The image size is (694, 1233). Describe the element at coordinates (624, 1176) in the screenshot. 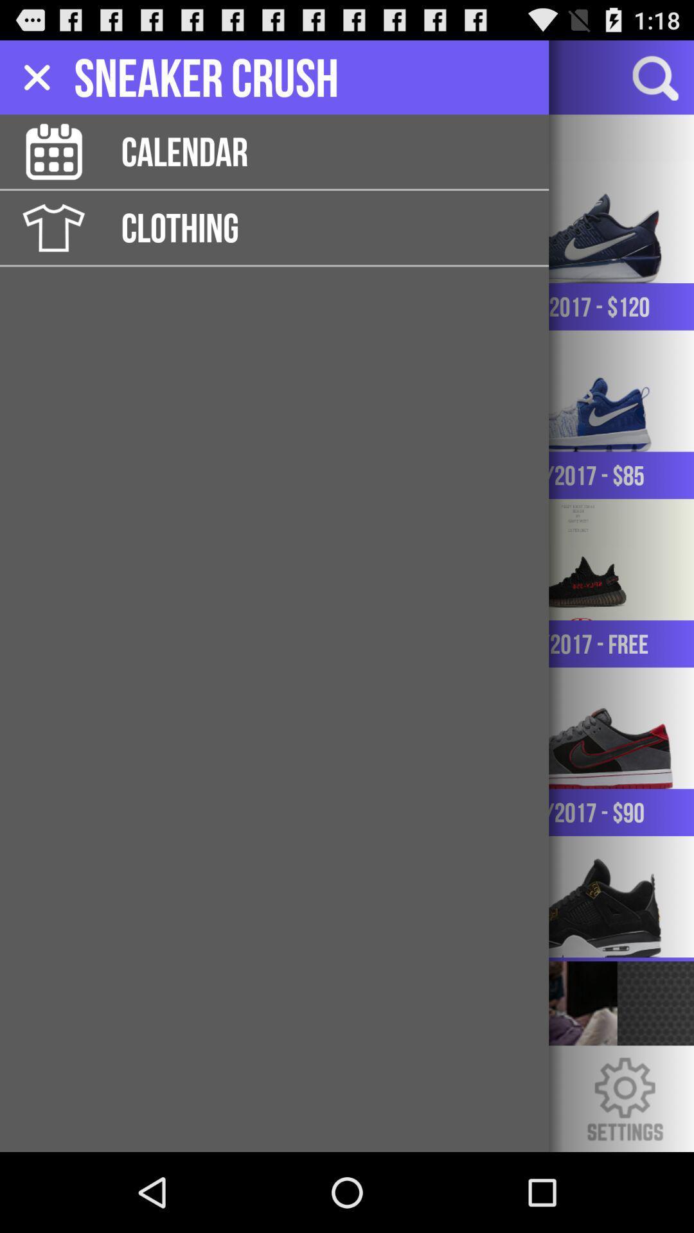

I see `the settings icon` at that location.